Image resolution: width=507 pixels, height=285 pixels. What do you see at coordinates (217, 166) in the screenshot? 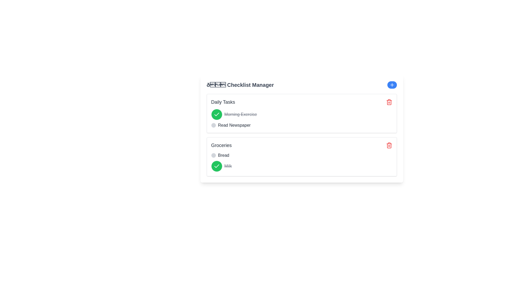
I see `the checkmark icon with a green circular background that indicates the completion of the 'Milk' item` at bounding box center [217, 166].